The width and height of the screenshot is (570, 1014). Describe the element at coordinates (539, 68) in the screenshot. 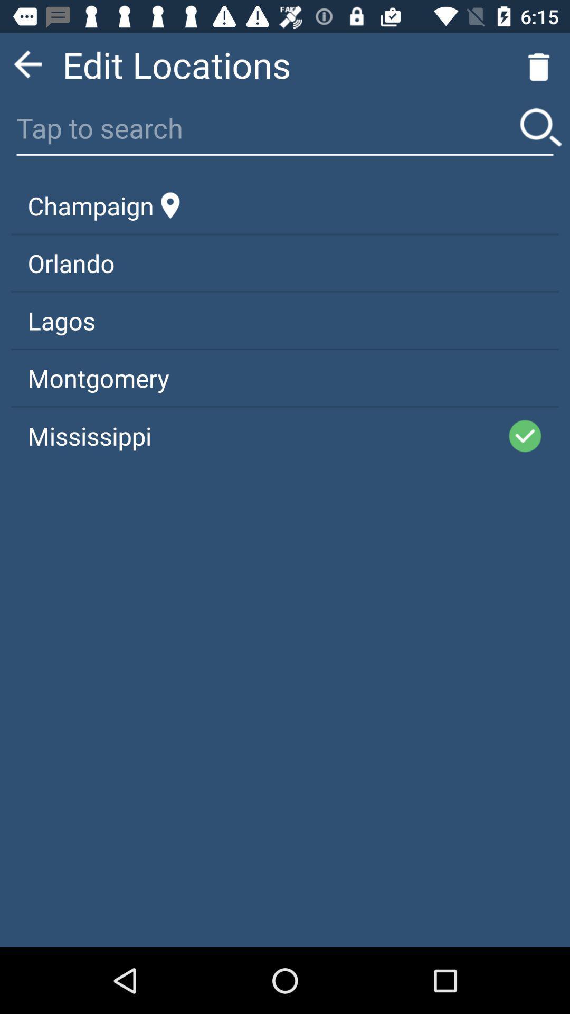

I see `the delete icon` at that location.